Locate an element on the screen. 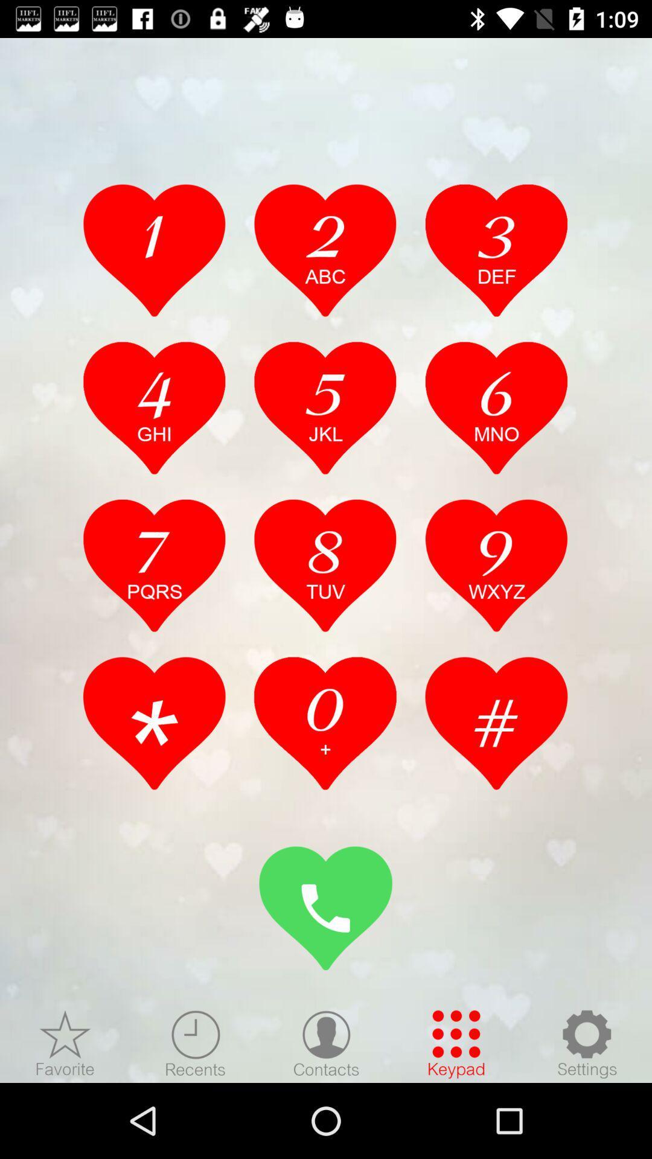 The height and width of the screenshot is (1159, 652). keypad is located at coordinates (456, 1043).